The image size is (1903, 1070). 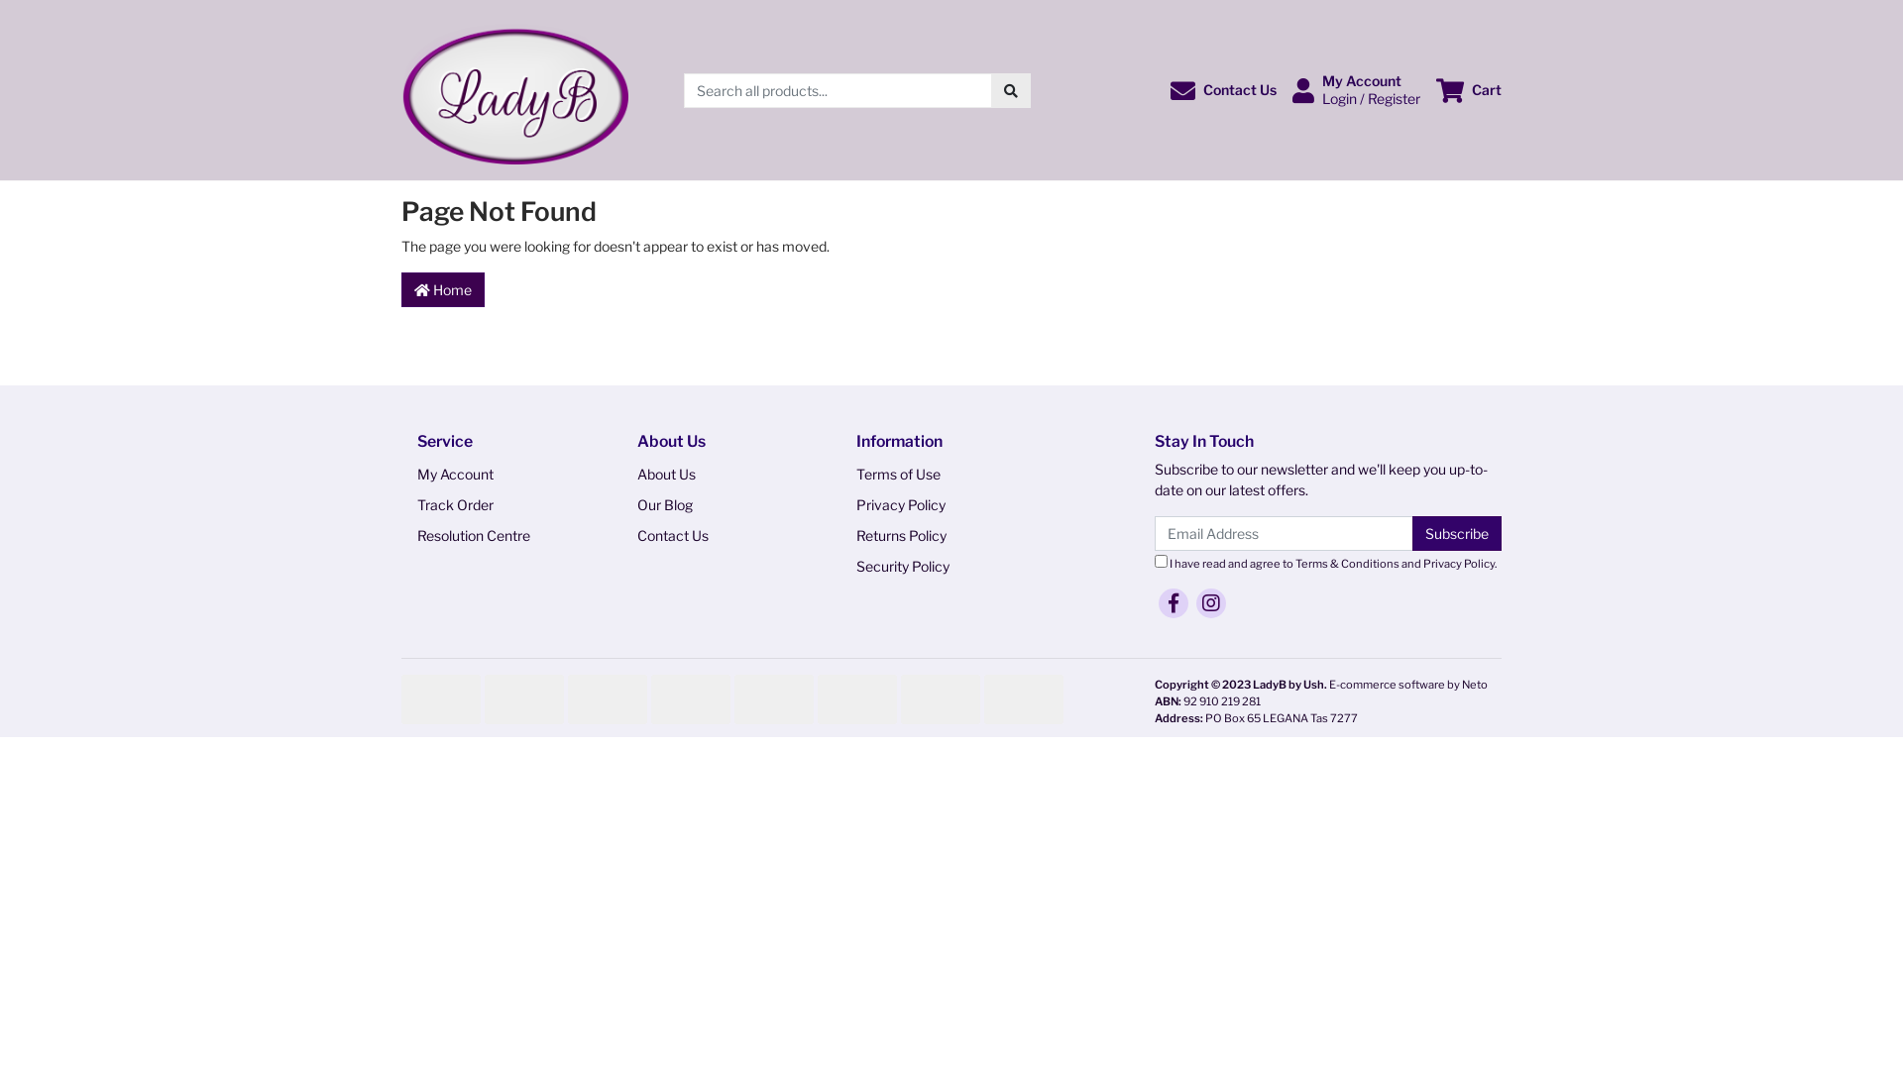 I want to click on 'Returns Policy', so click(x=840, y=535).